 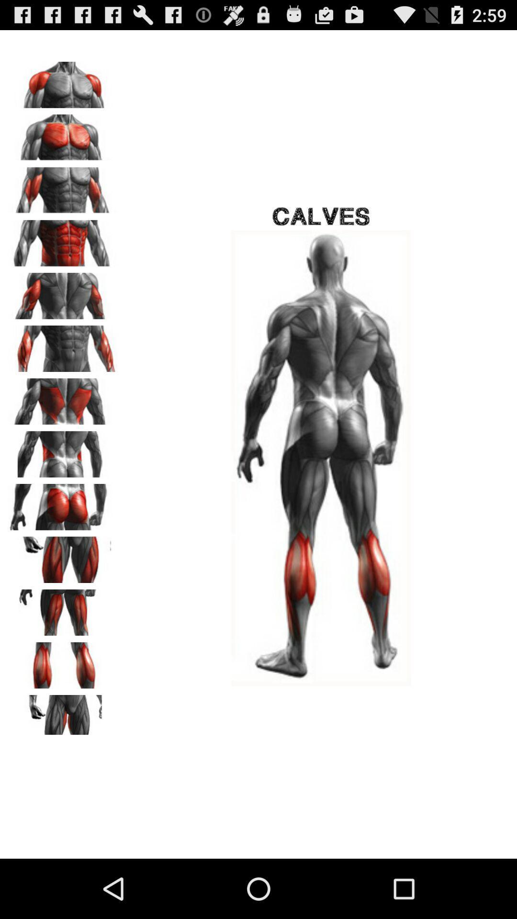 I want to click on front side of the body, so click(x=63, y=240).